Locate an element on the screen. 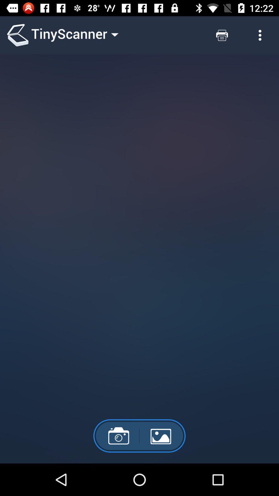 This screenshot has height=496, width=279. the wallpaper icon is located at coordinates (162, 436).